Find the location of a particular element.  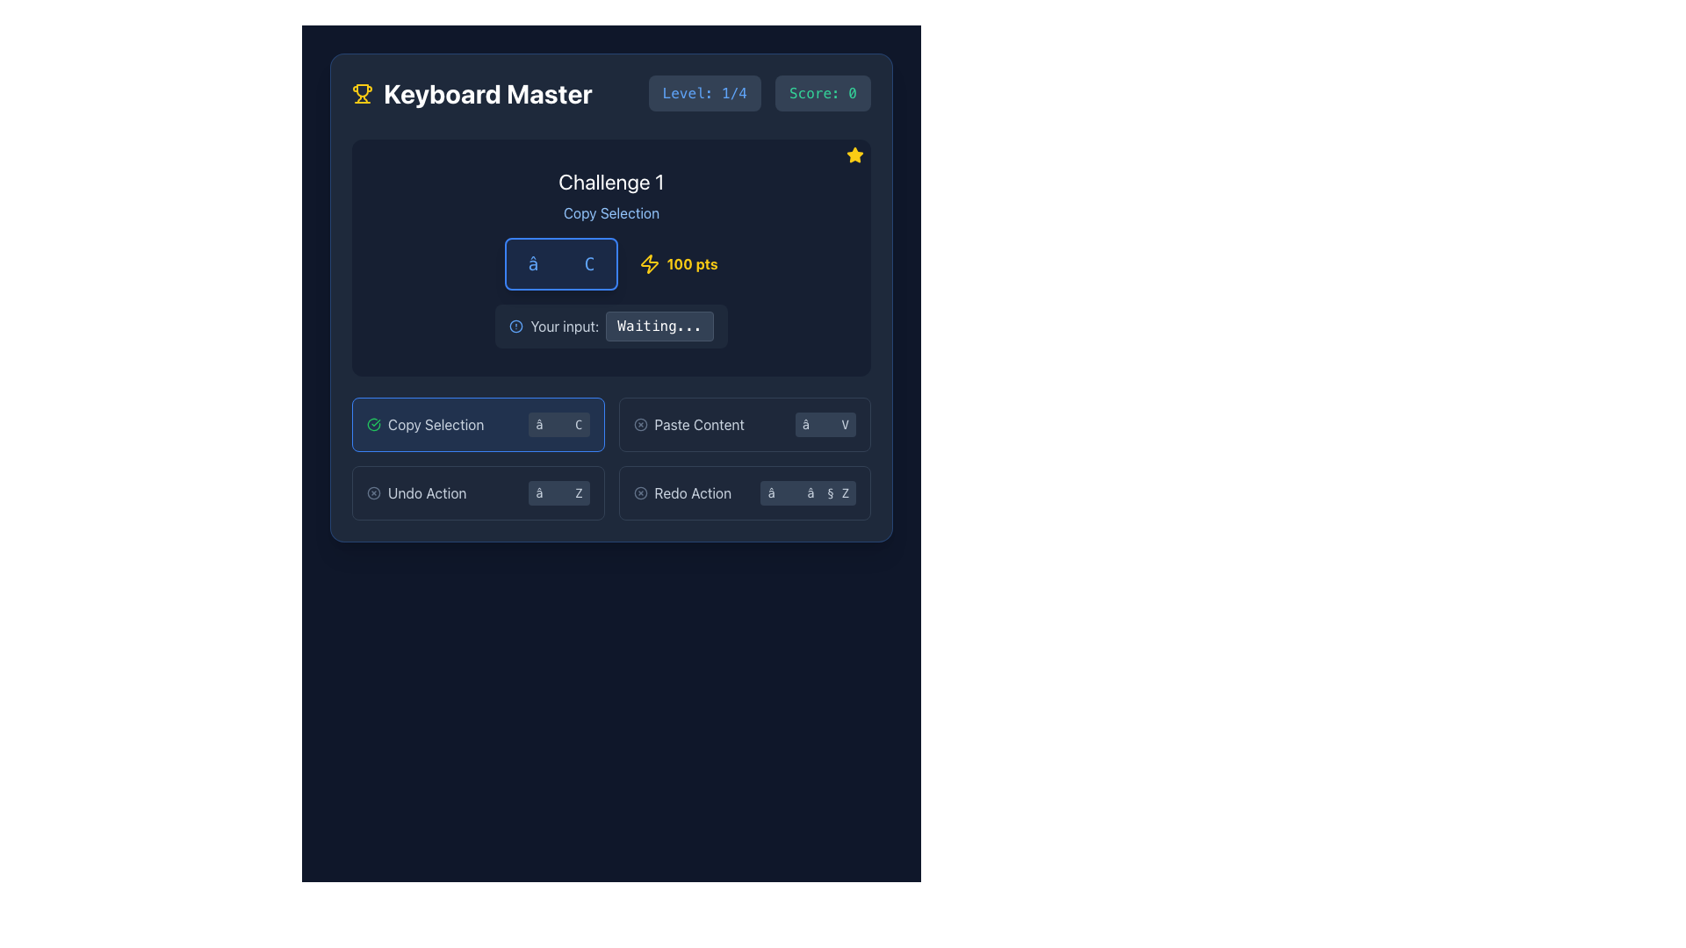

the yellow star decorative icon located in the top-right corner of the 'Challenge 1' panel, which signifies importance or achievement is located at coordinates (855, 154).